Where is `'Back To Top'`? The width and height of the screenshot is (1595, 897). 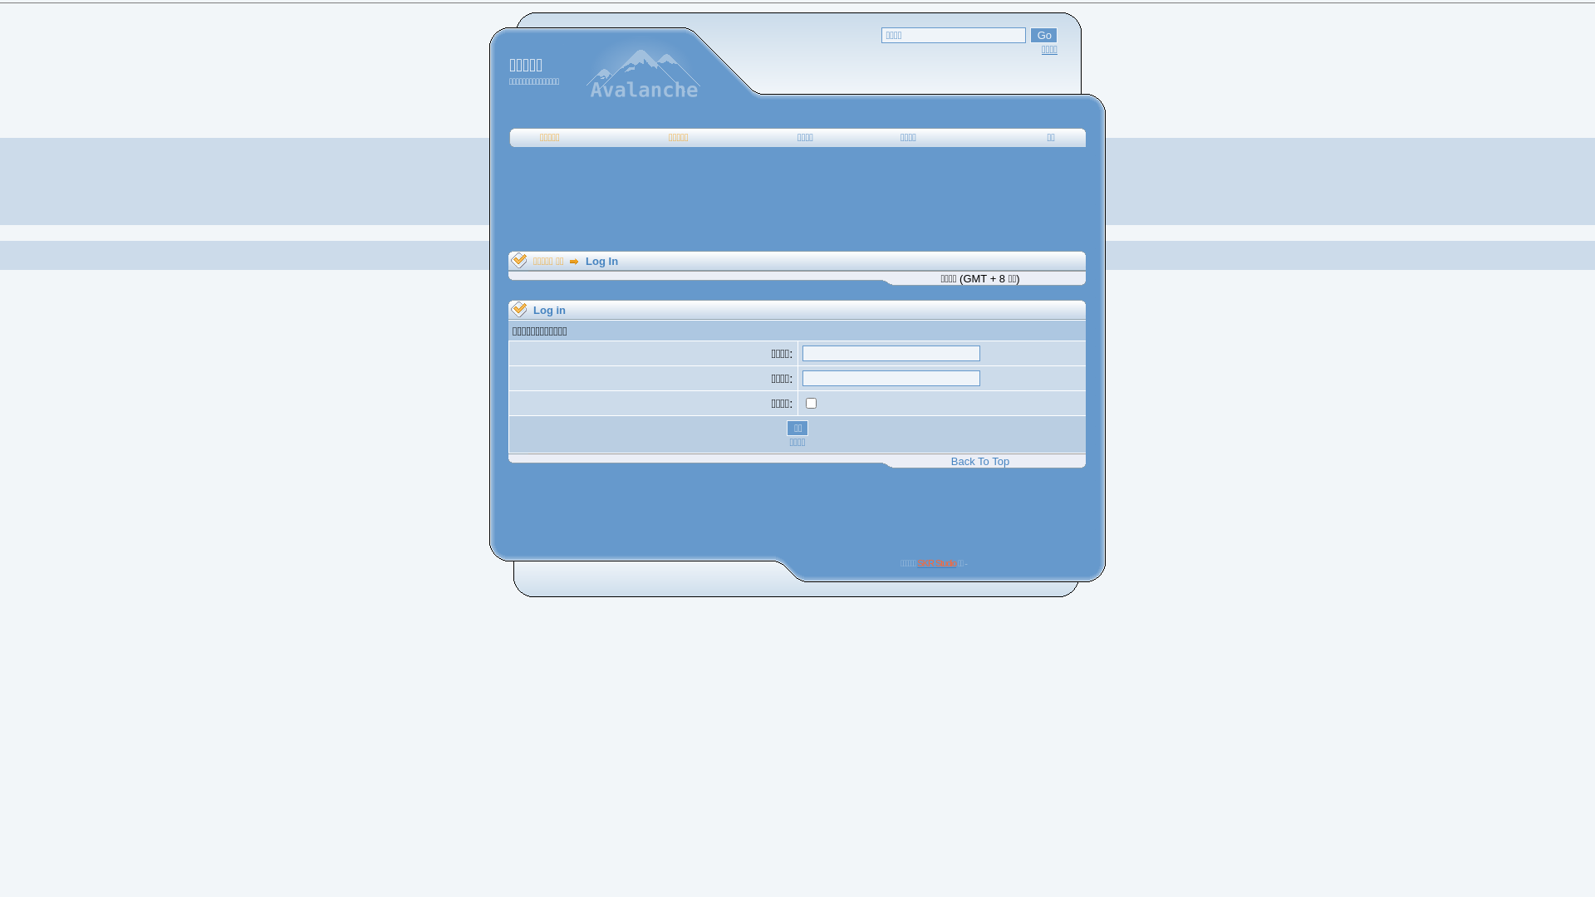
'Back To Top' is located at coordinates (980, 461).